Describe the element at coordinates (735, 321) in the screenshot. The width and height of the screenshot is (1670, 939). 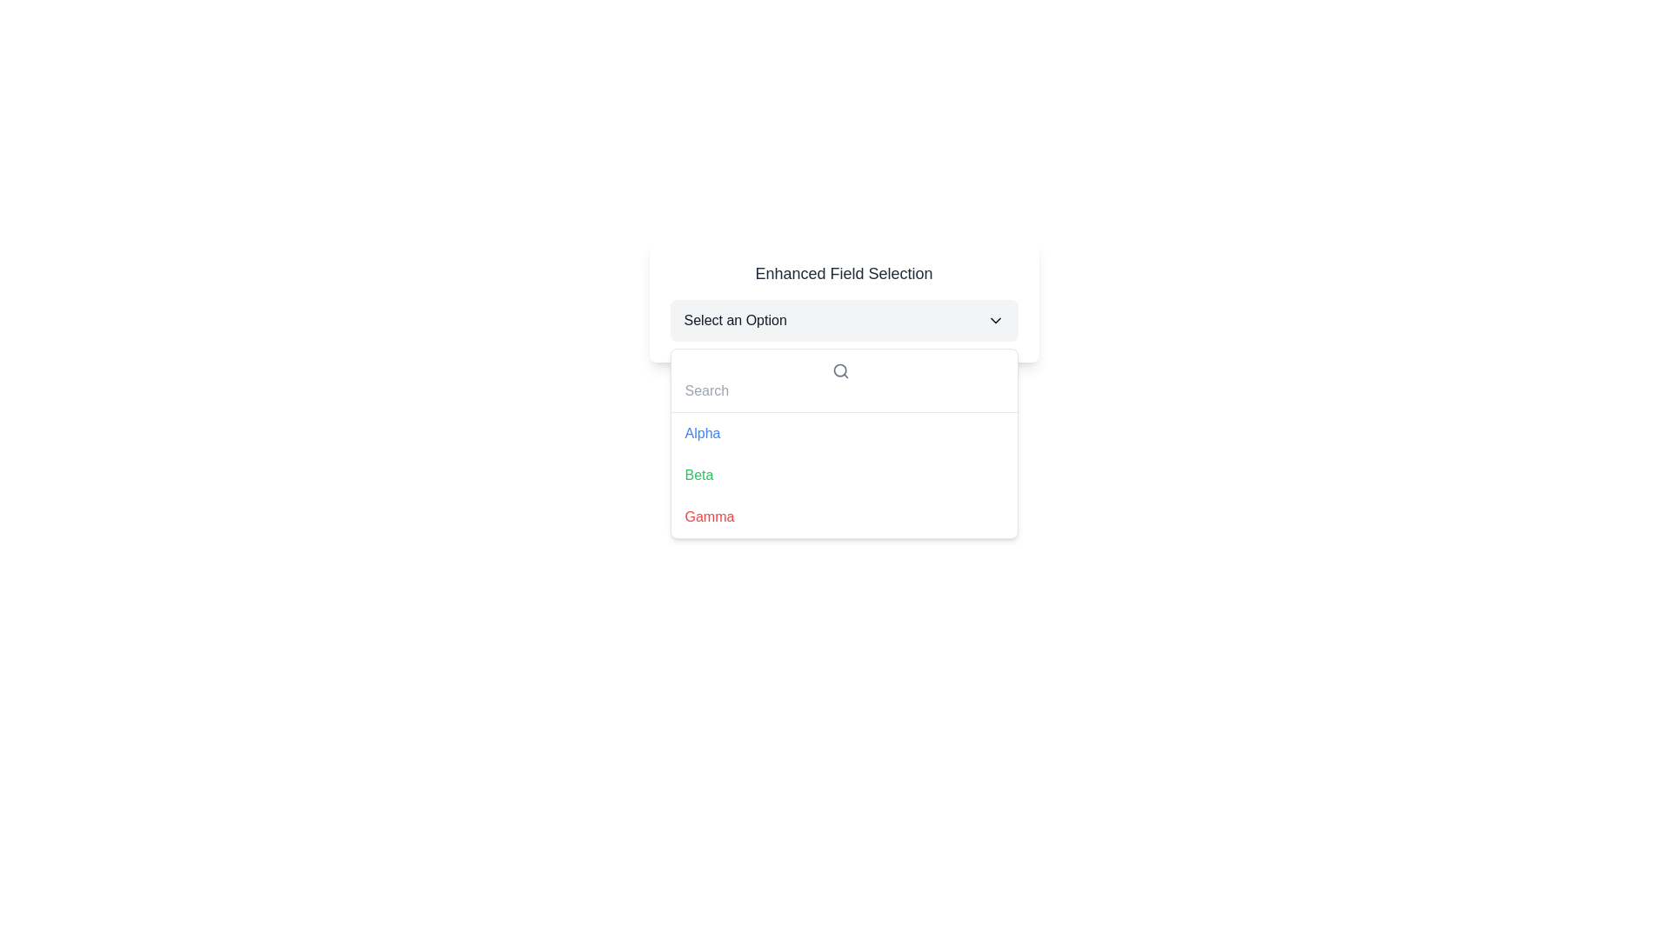
I see `the text label that serves as a placeholder for the drop-down menu, located in the top section of the interface next to a chevron-down icon` at that location.